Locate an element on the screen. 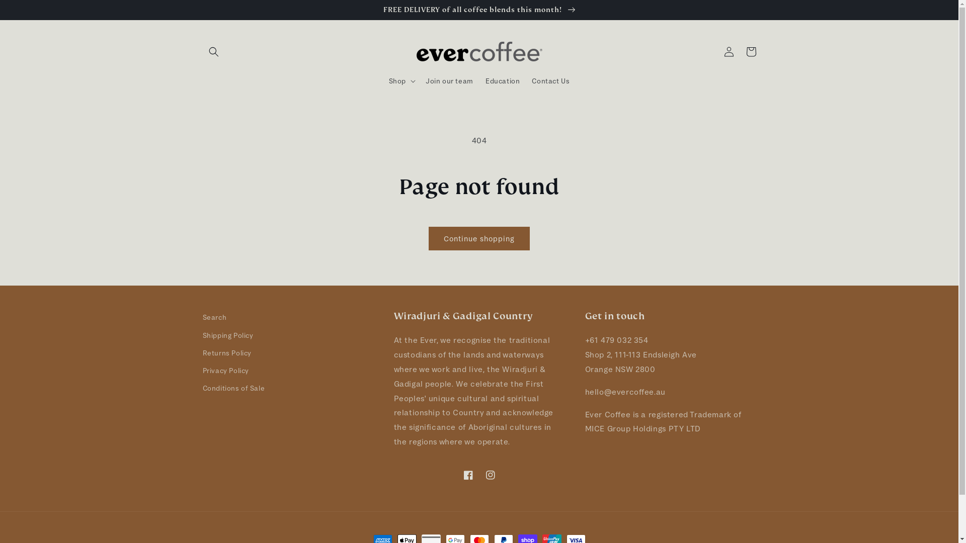 Image resolution: width=966 pixels, height=543 pixels. 'Education' is located at coordinates (502, 80).